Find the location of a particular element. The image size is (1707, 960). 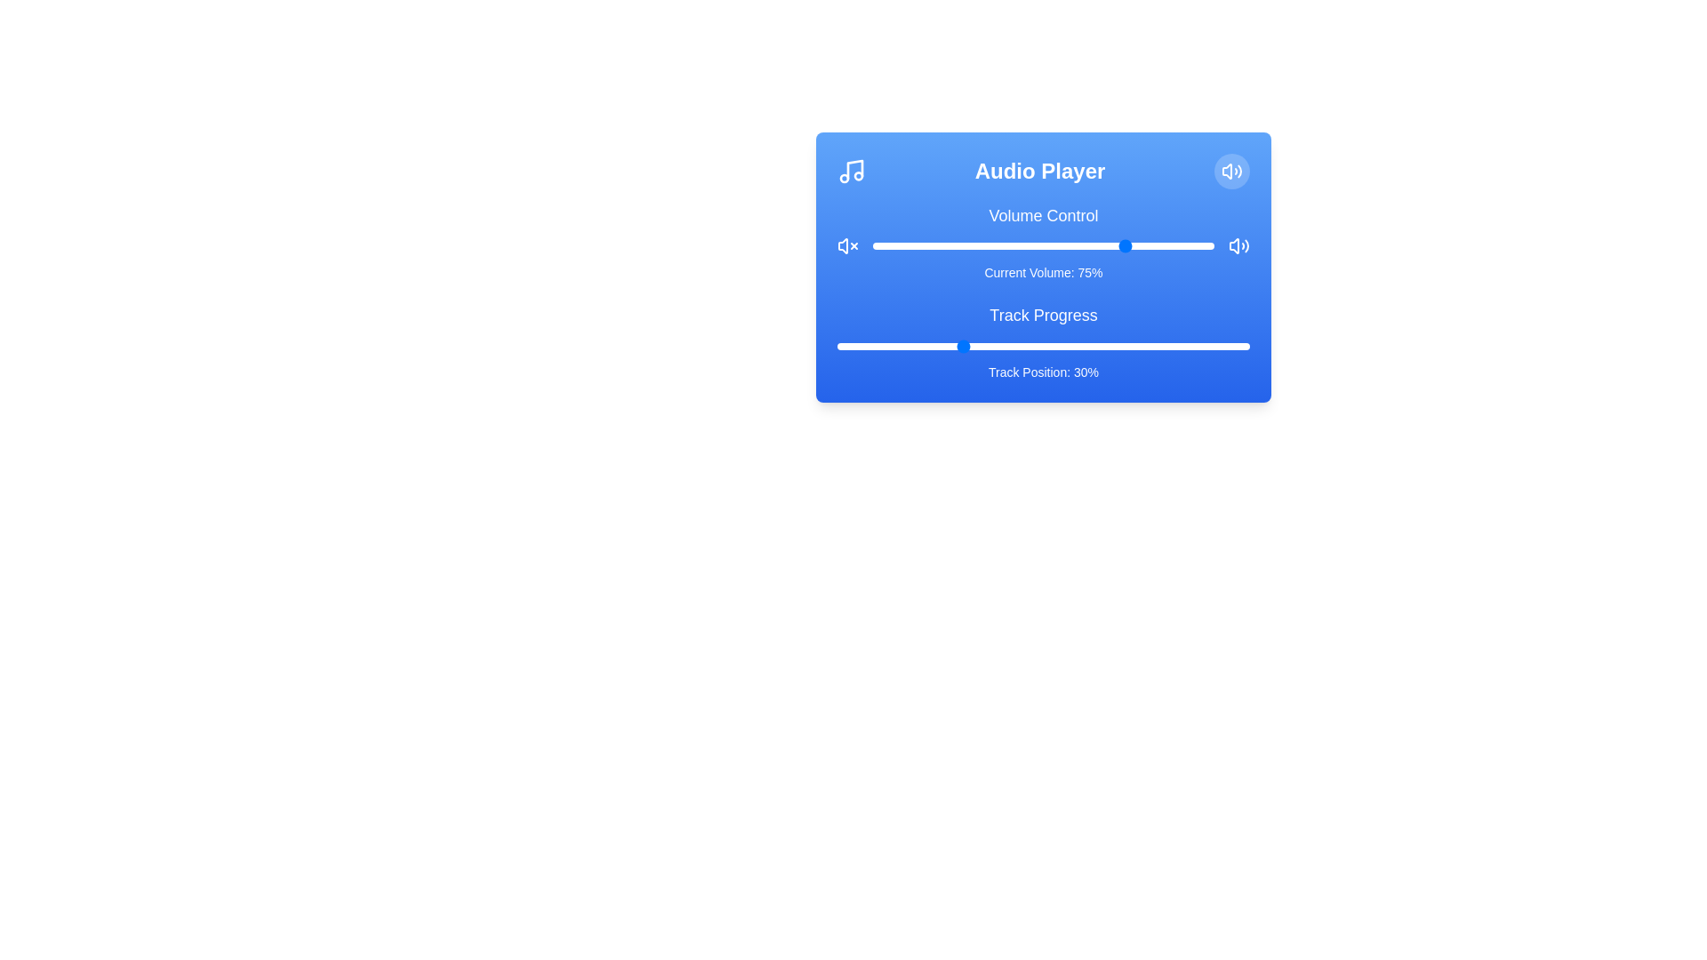

volume is located at coordinates (1057, 246).